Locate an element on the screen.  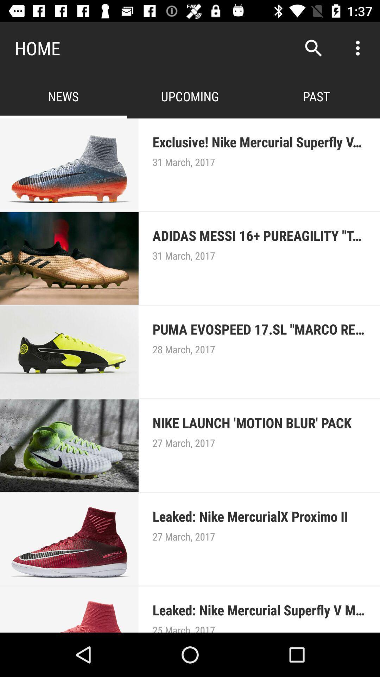
the icon above past is located at coordinates (313, 48).